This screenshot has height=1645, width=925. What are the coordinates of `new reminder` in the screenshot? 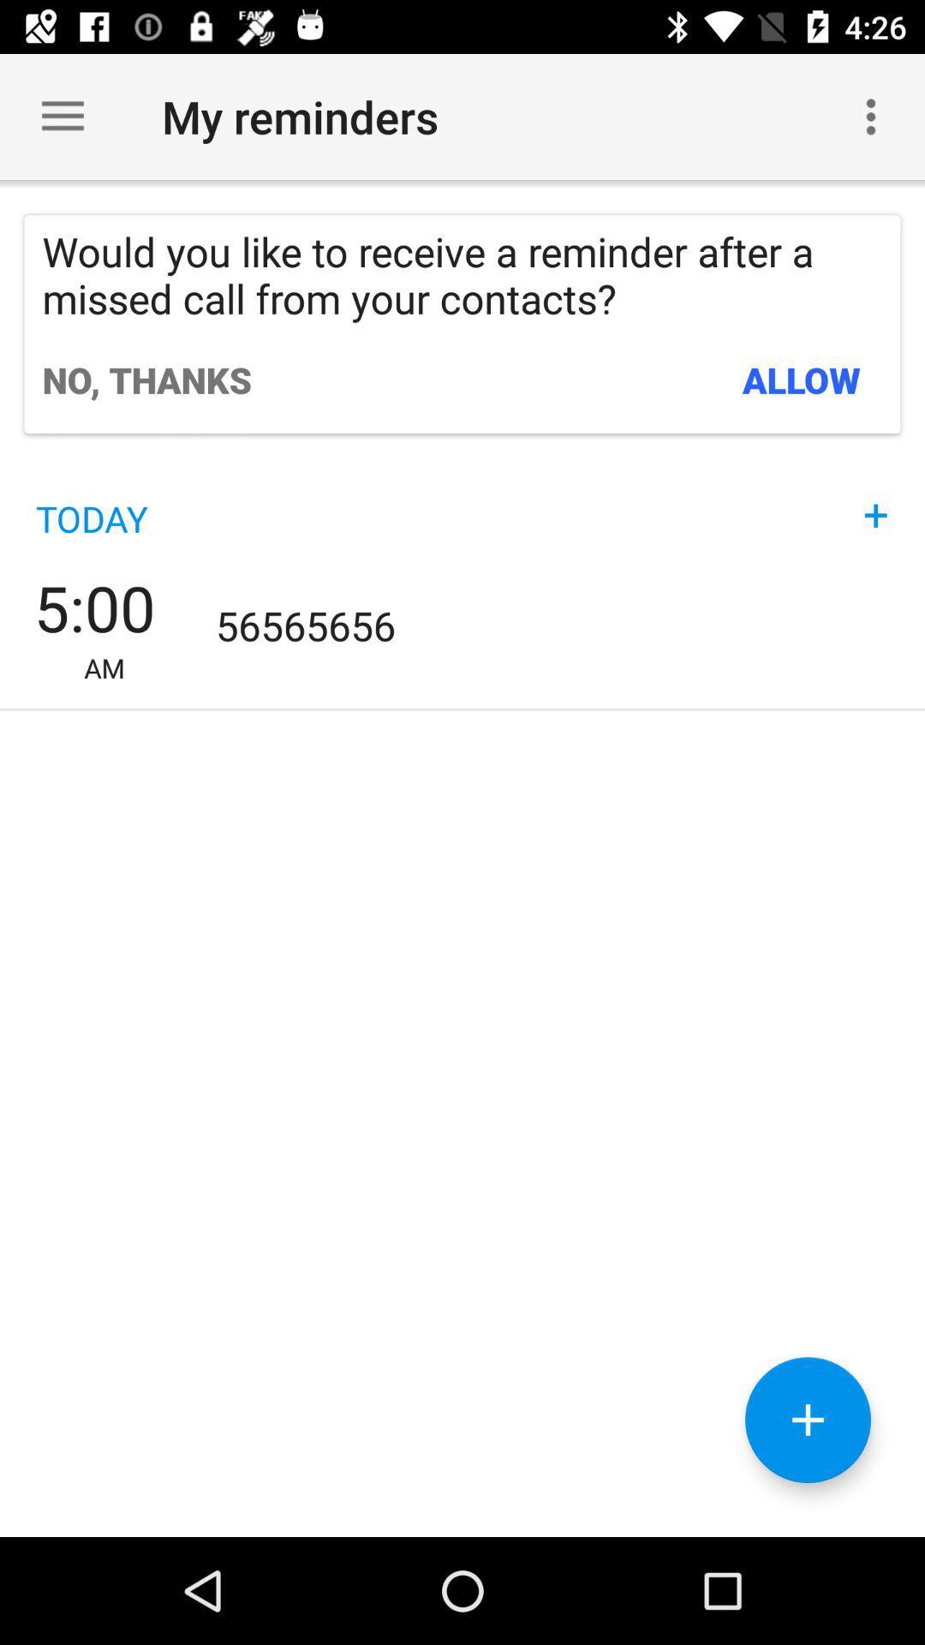 It's located at (808, 1420).